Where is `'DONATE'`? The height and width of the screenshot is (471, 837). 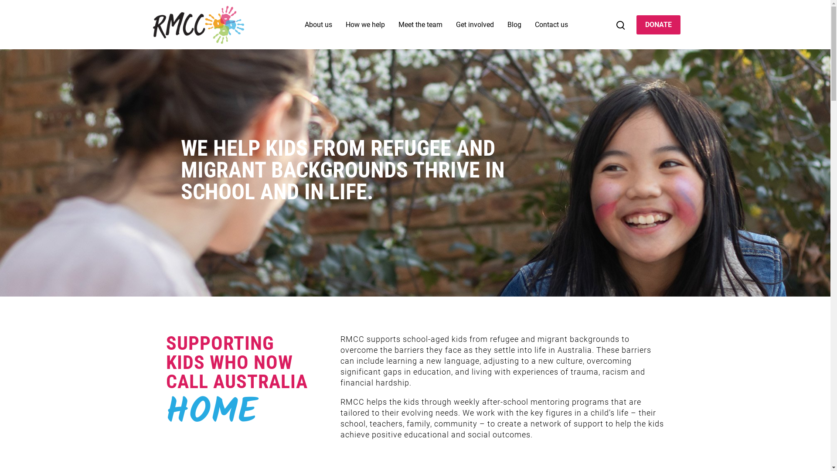 'DONATE' is located at coordinates (658, 24).